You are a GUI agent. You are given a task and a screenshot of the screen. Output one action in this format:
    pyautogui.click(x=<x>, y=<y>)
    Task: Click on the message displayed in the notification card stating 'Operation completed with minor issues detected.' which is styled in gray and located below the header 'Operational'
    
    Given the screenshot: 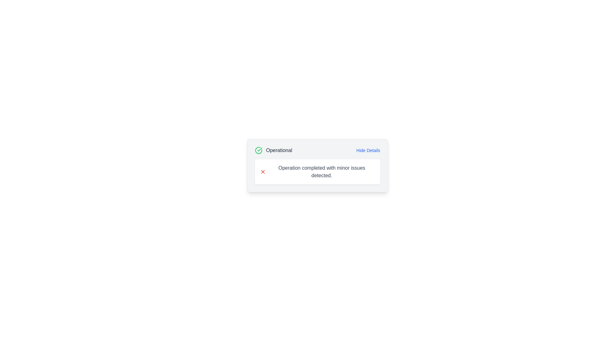 What is the action you would take?
    pyautogui.click(x=322, y=172)
    